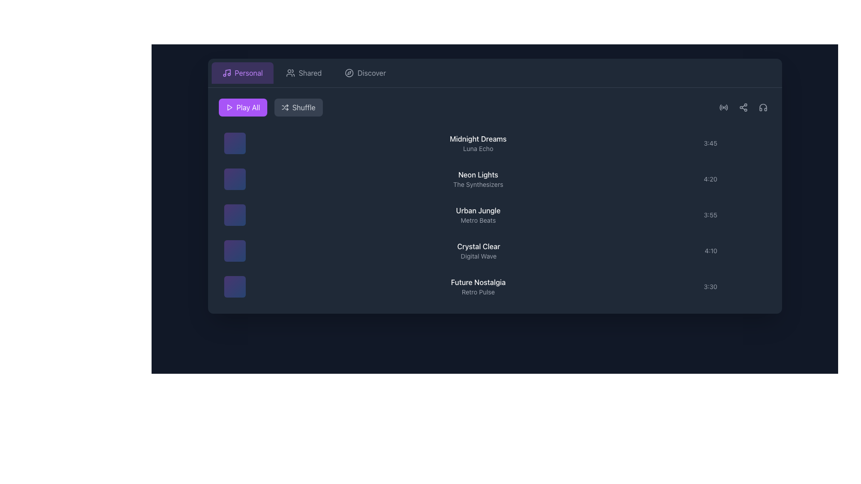 Image resolution: width=861 pixels, height=484 pixels. Describe the element at coordinates (235, 251) in the screenshot. I see `the interactive thumbnail representing the 'Crystal Clear - Digital Wave' audio track` at that location.